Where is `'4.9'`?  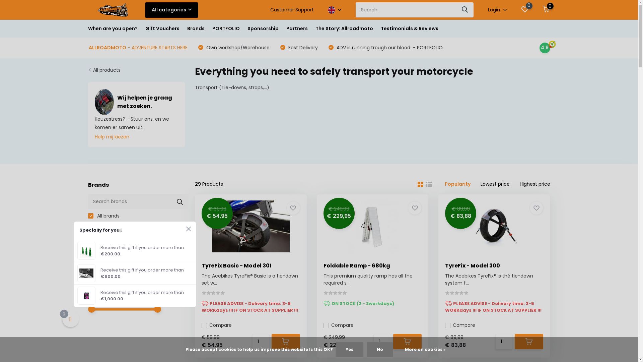 '4.9' is located at coordinates (545, 47).